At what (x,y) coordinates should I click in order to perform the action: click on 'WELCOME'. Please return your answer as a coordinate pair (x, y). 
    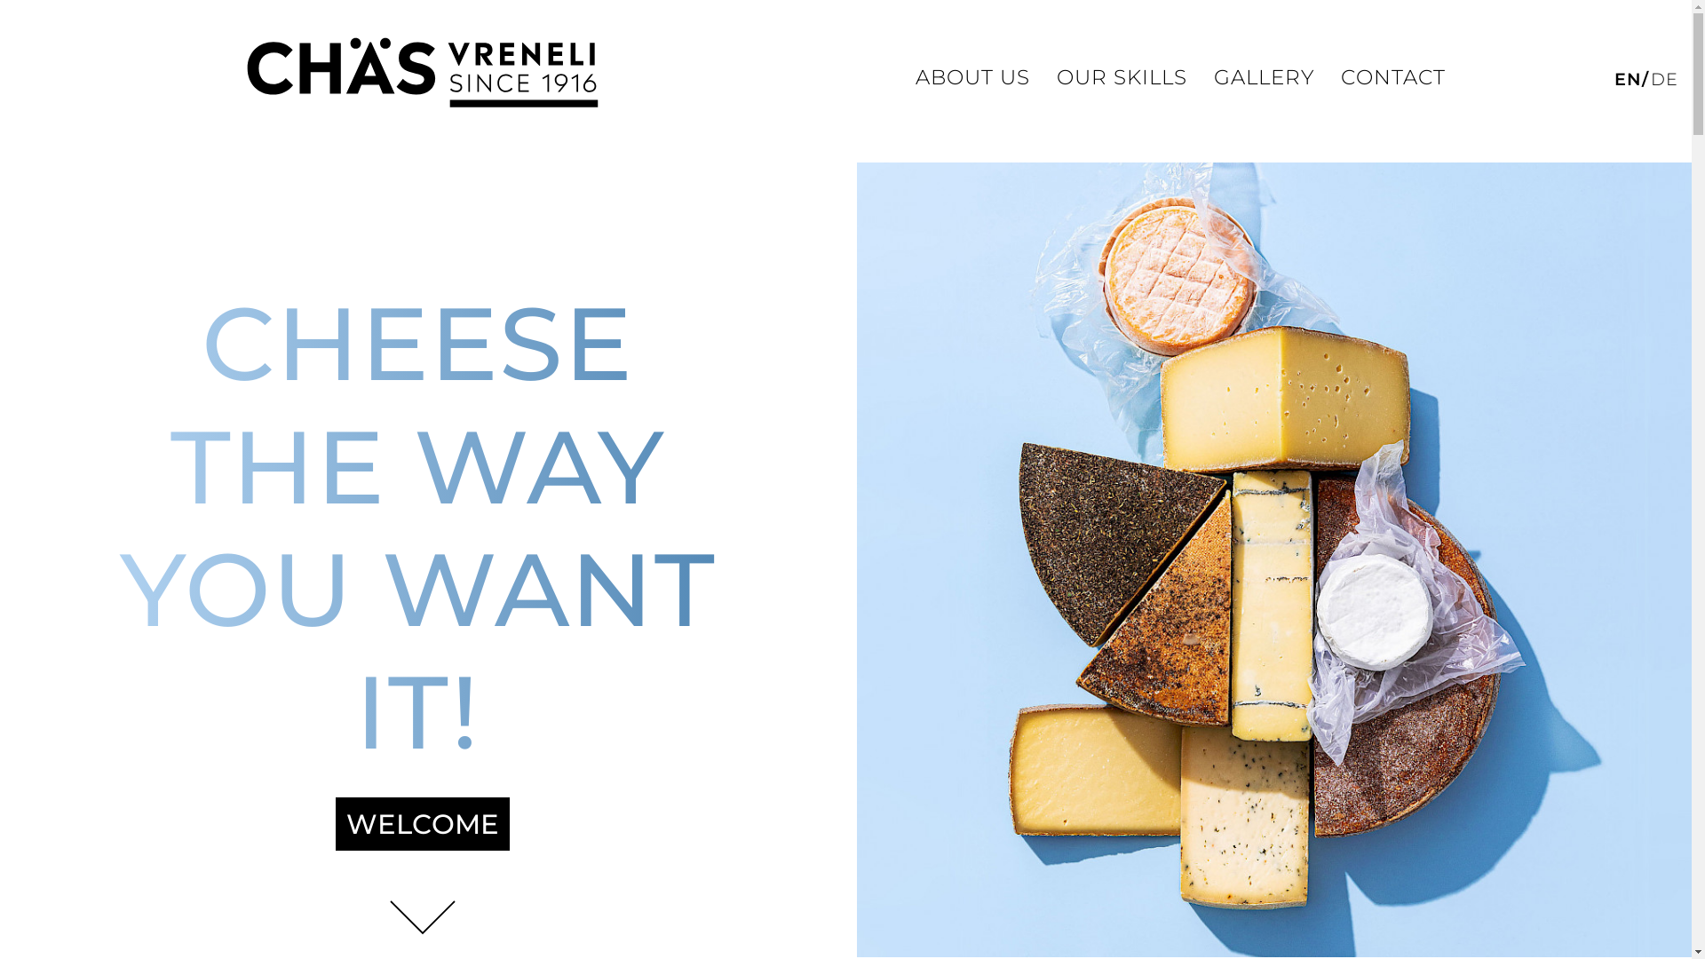
    Looking at the image, I should click on (421, 824).